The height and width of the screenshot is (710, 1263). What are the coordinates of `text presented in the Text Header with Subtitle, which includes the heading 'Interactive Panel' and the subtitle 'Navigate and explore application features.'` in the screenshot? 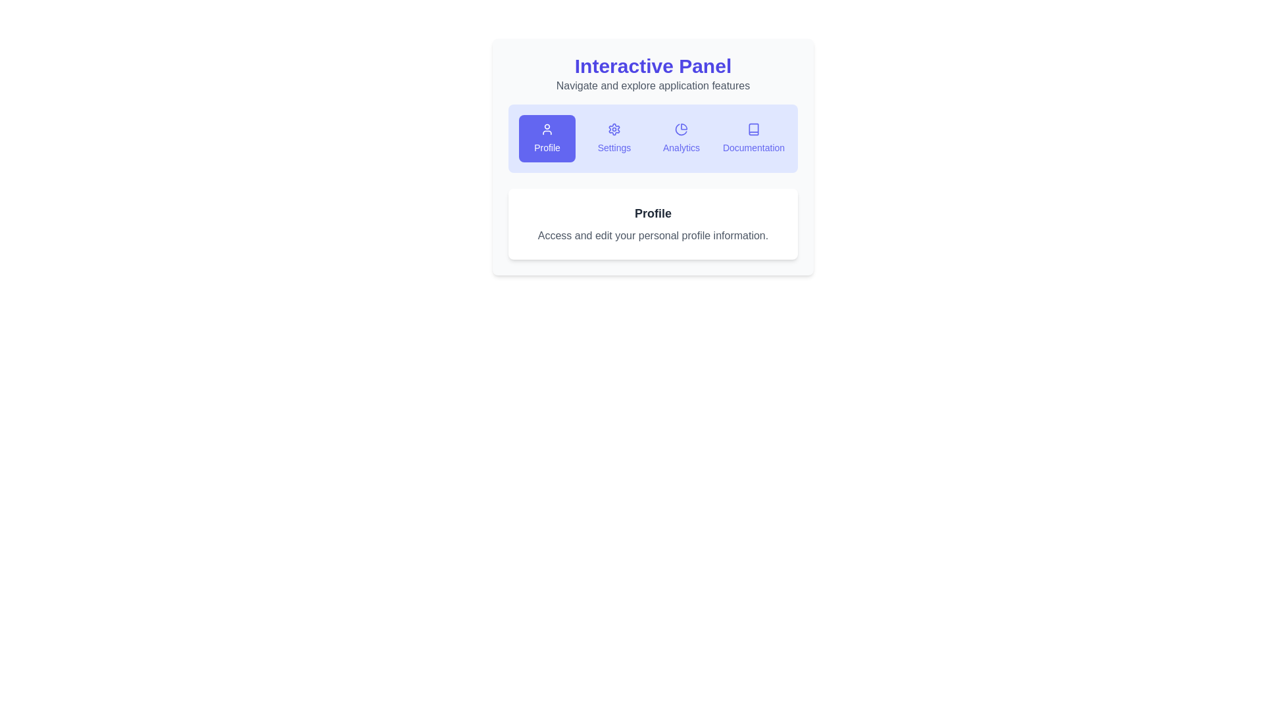 It's located at (653, 74).